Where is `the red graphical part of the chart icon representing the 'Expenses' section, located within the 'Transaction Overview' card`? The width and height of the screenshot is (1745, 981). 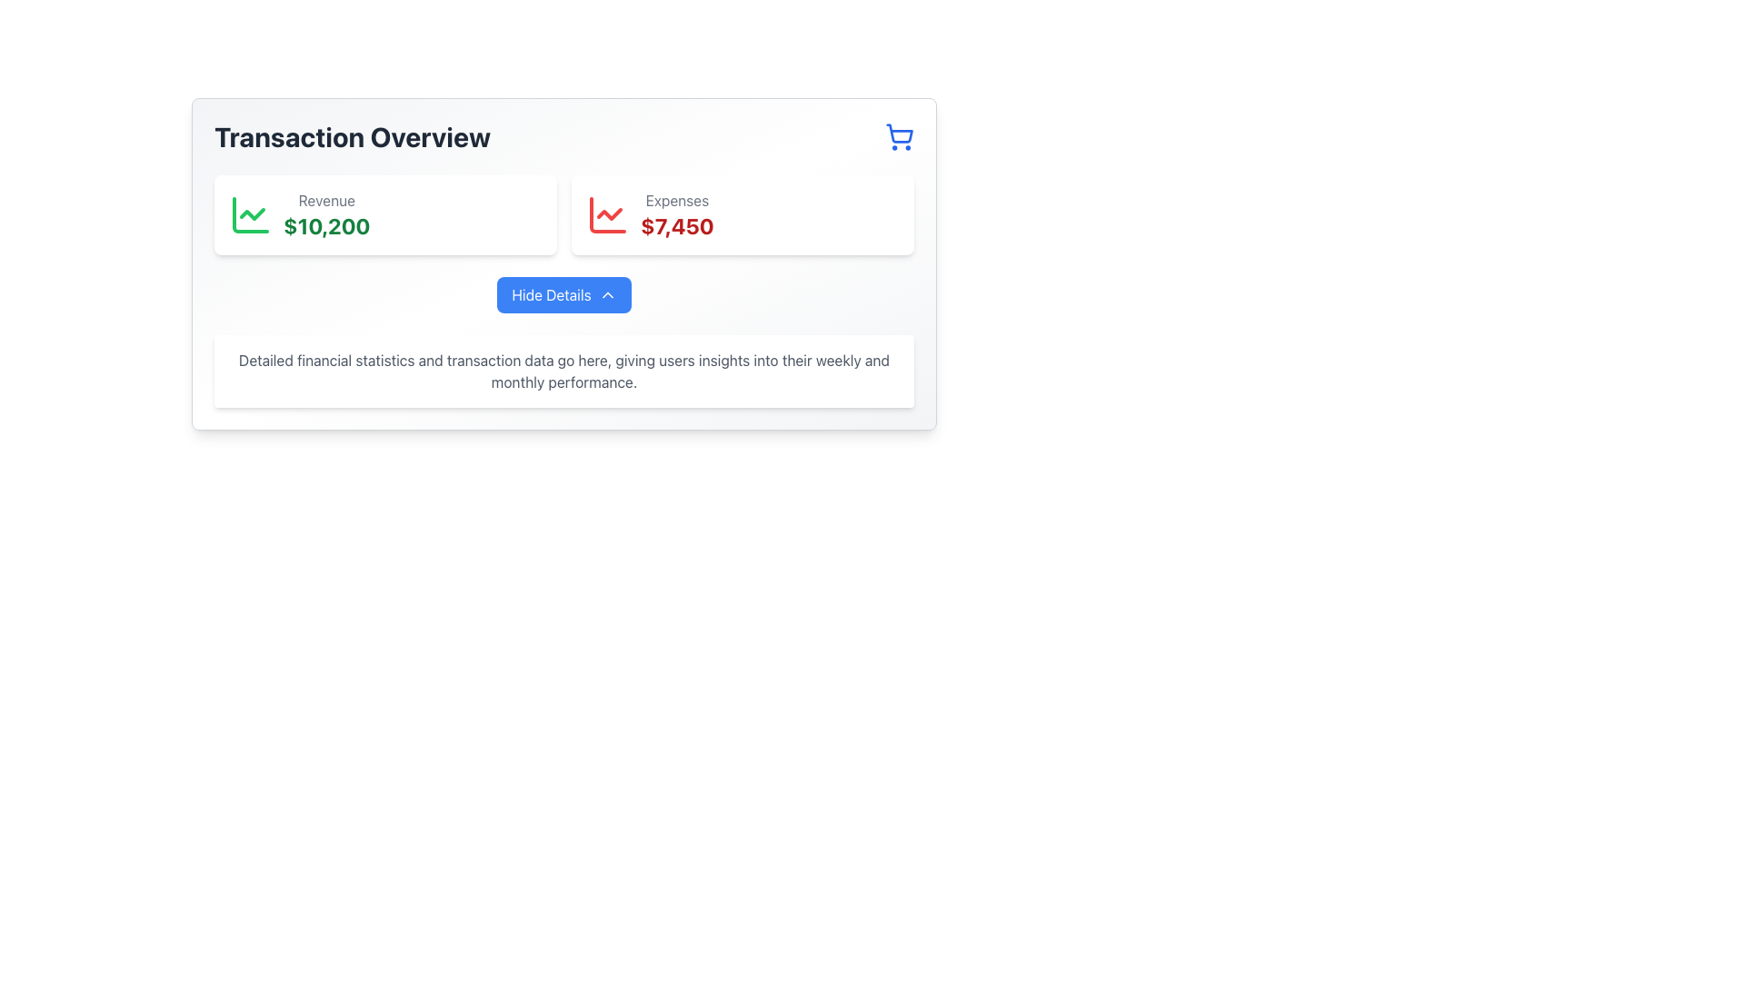 the red graphical part of the chart icon representing the 'Expenses' section, located within the 'Transaction Overview' card is located at coordinates (607, 213).